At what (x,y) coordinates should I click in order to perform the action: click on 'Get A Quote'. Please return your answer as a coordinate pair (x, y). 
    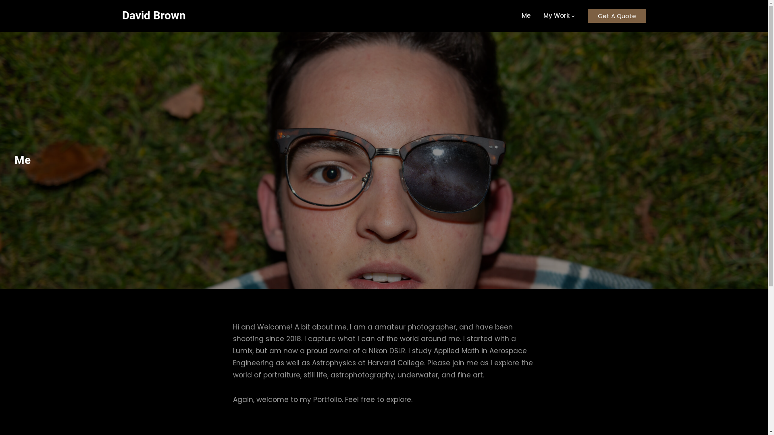
    Looking at the image, I should click on (588, 16).